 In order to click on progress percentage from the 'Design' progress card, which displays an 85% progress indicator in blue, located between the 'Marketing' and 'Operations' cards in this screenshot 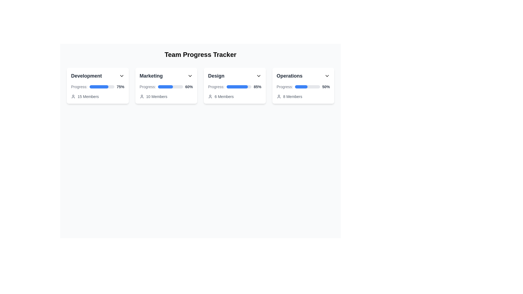, I will do `click(235, 86)`.